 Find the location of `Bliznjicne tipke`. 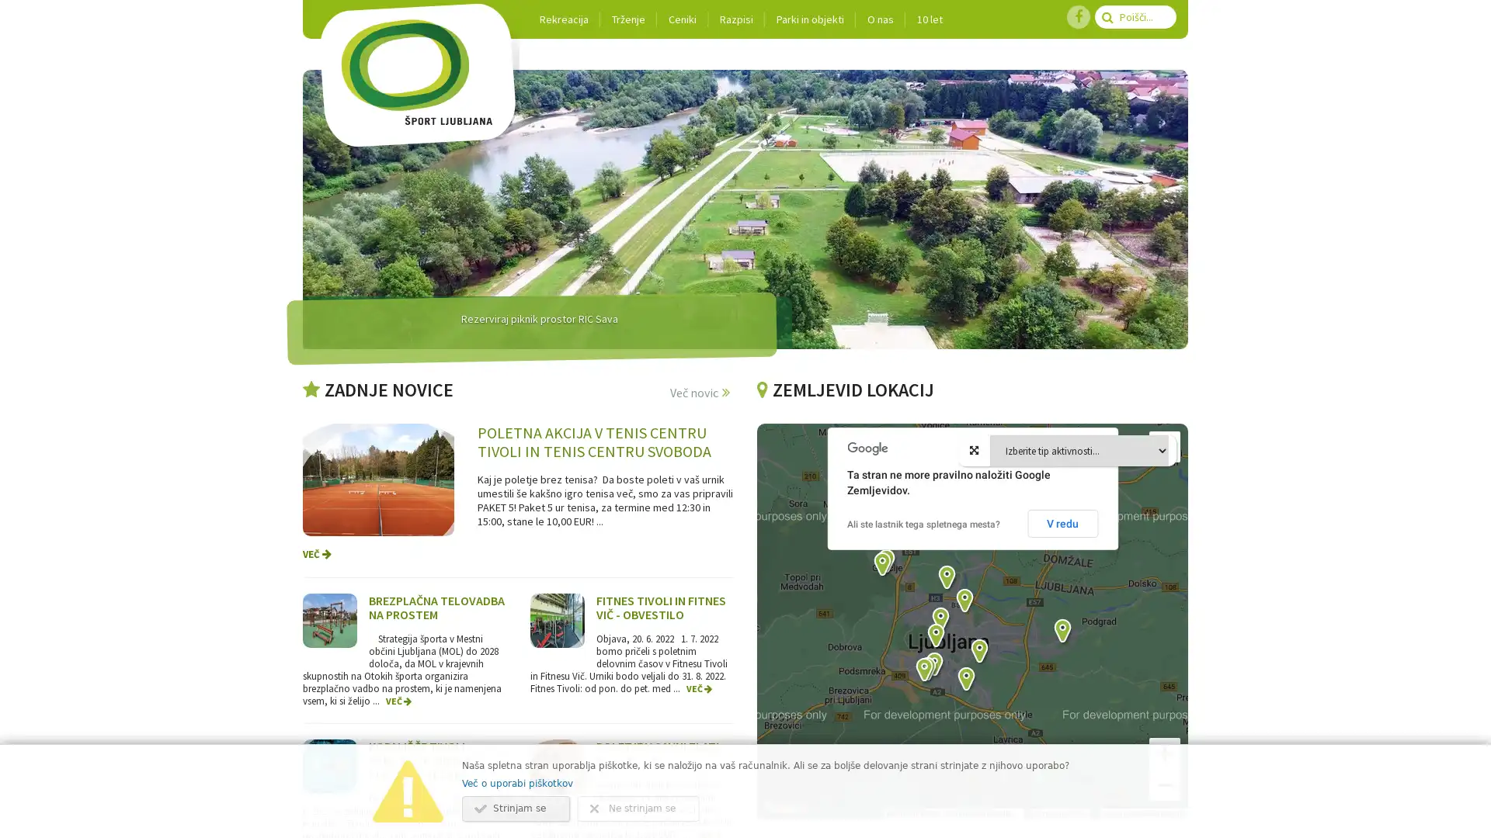

Bliznjicne tipke is located at coordinates (899, 813).